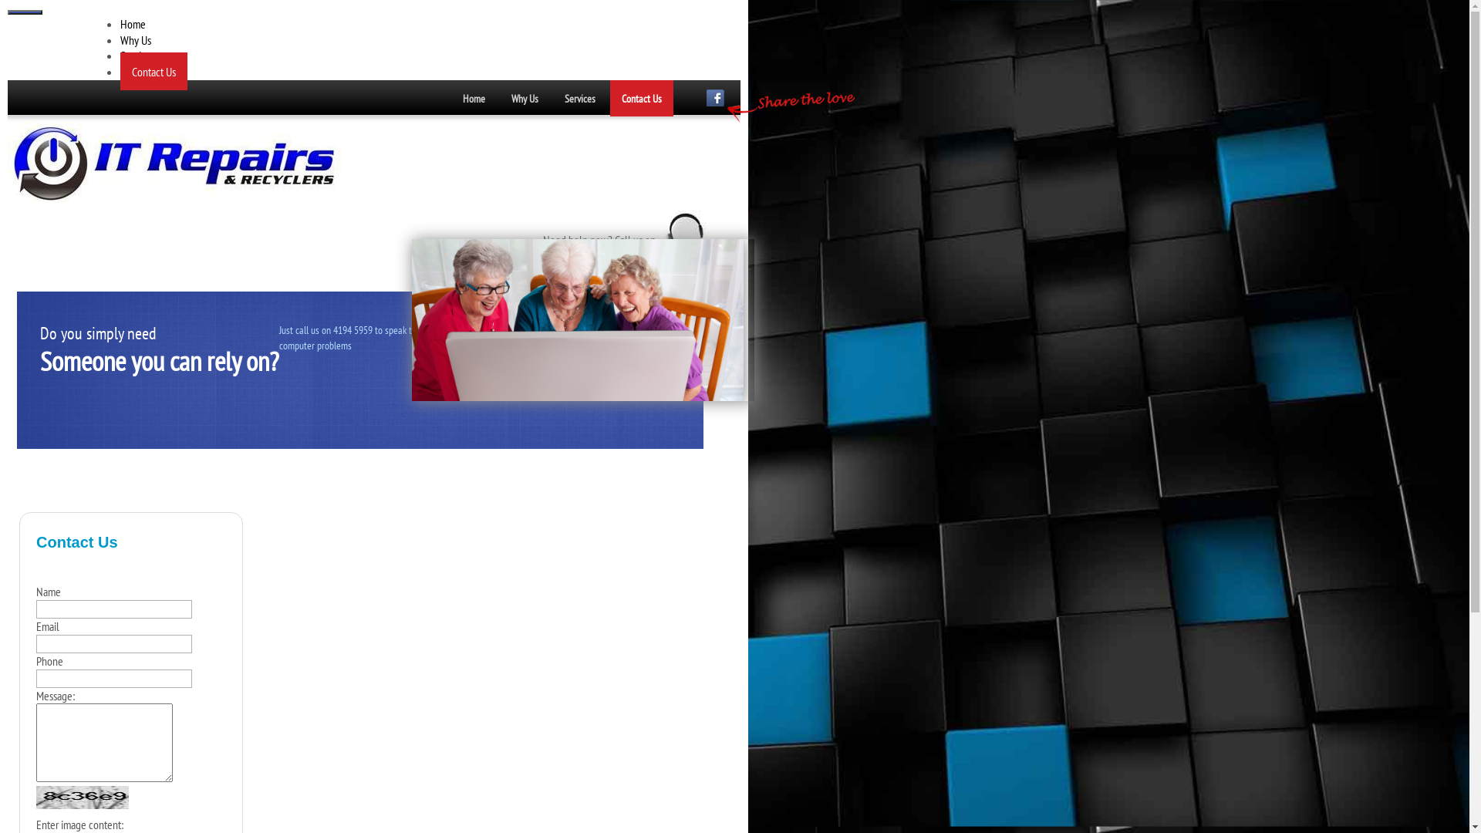  What do you see at coordinates (609, 98) in the screenshot?
I see `'Contact Us'` at bounding box center [609, 98].